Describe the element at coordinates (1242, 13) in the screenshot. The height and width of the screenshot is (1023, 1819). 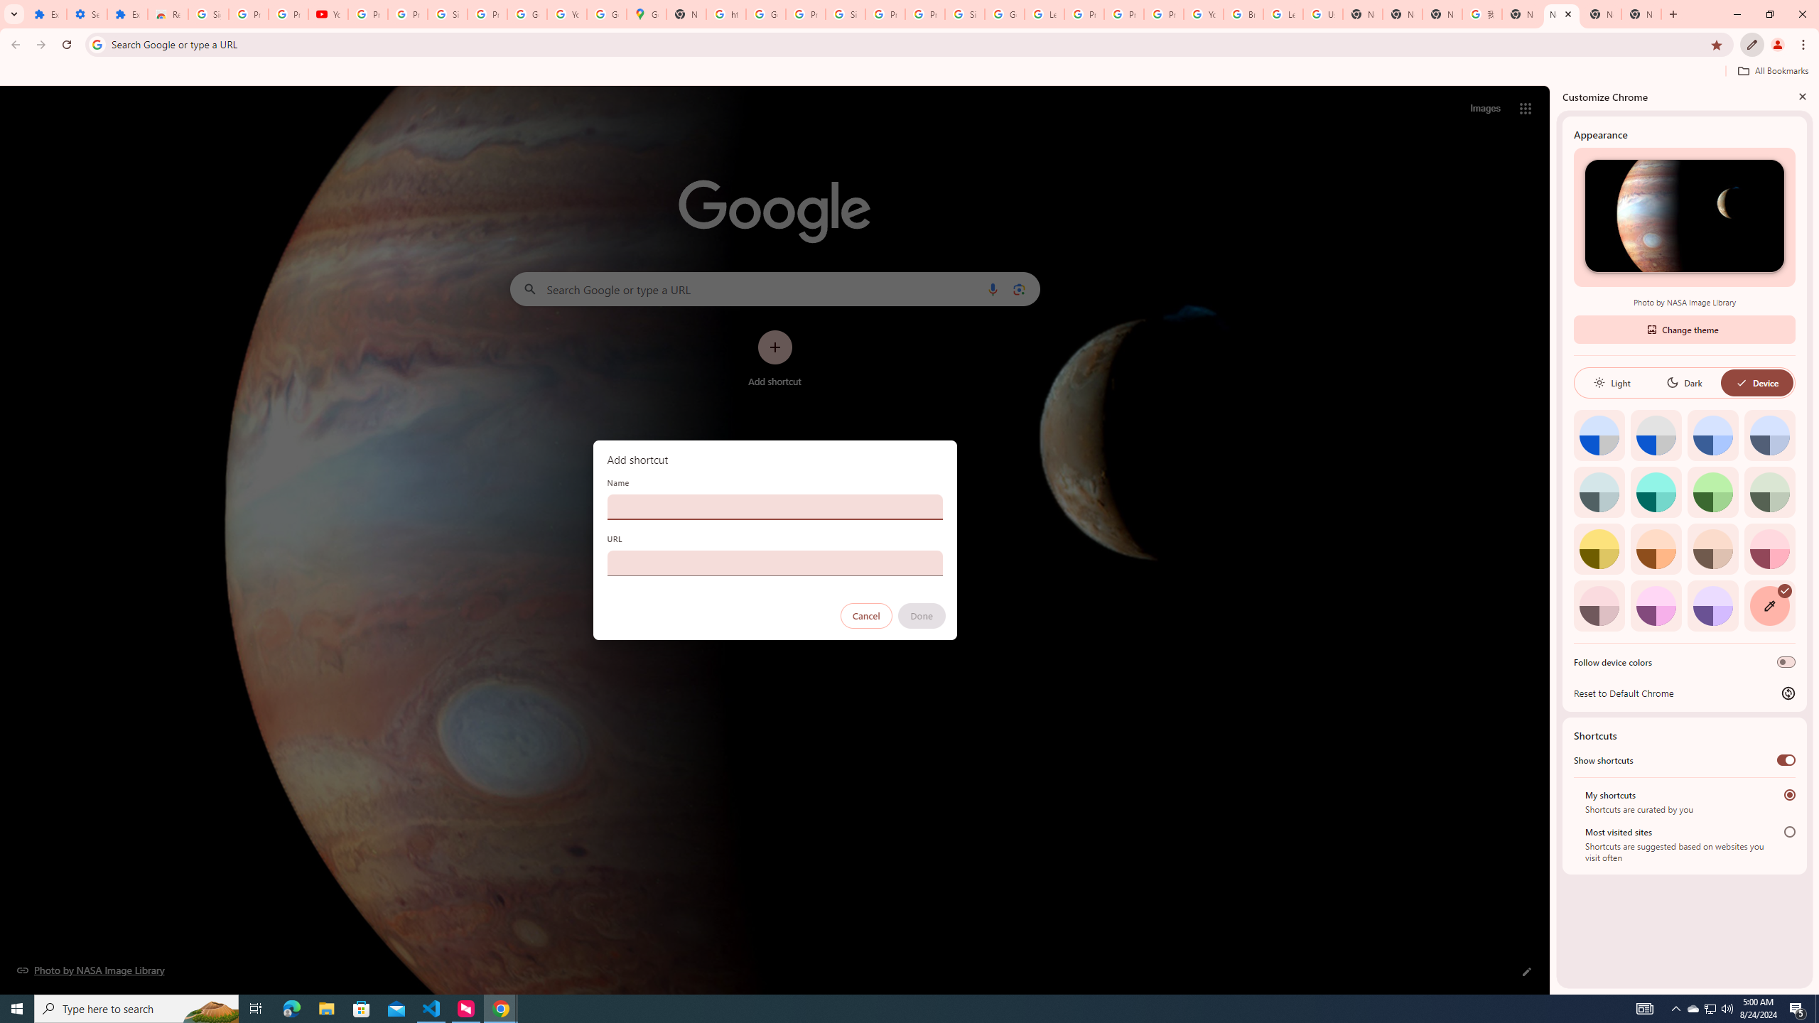
I see `'Browse Chrome as a guest - Computer - Google Chrome Help'` at that location.